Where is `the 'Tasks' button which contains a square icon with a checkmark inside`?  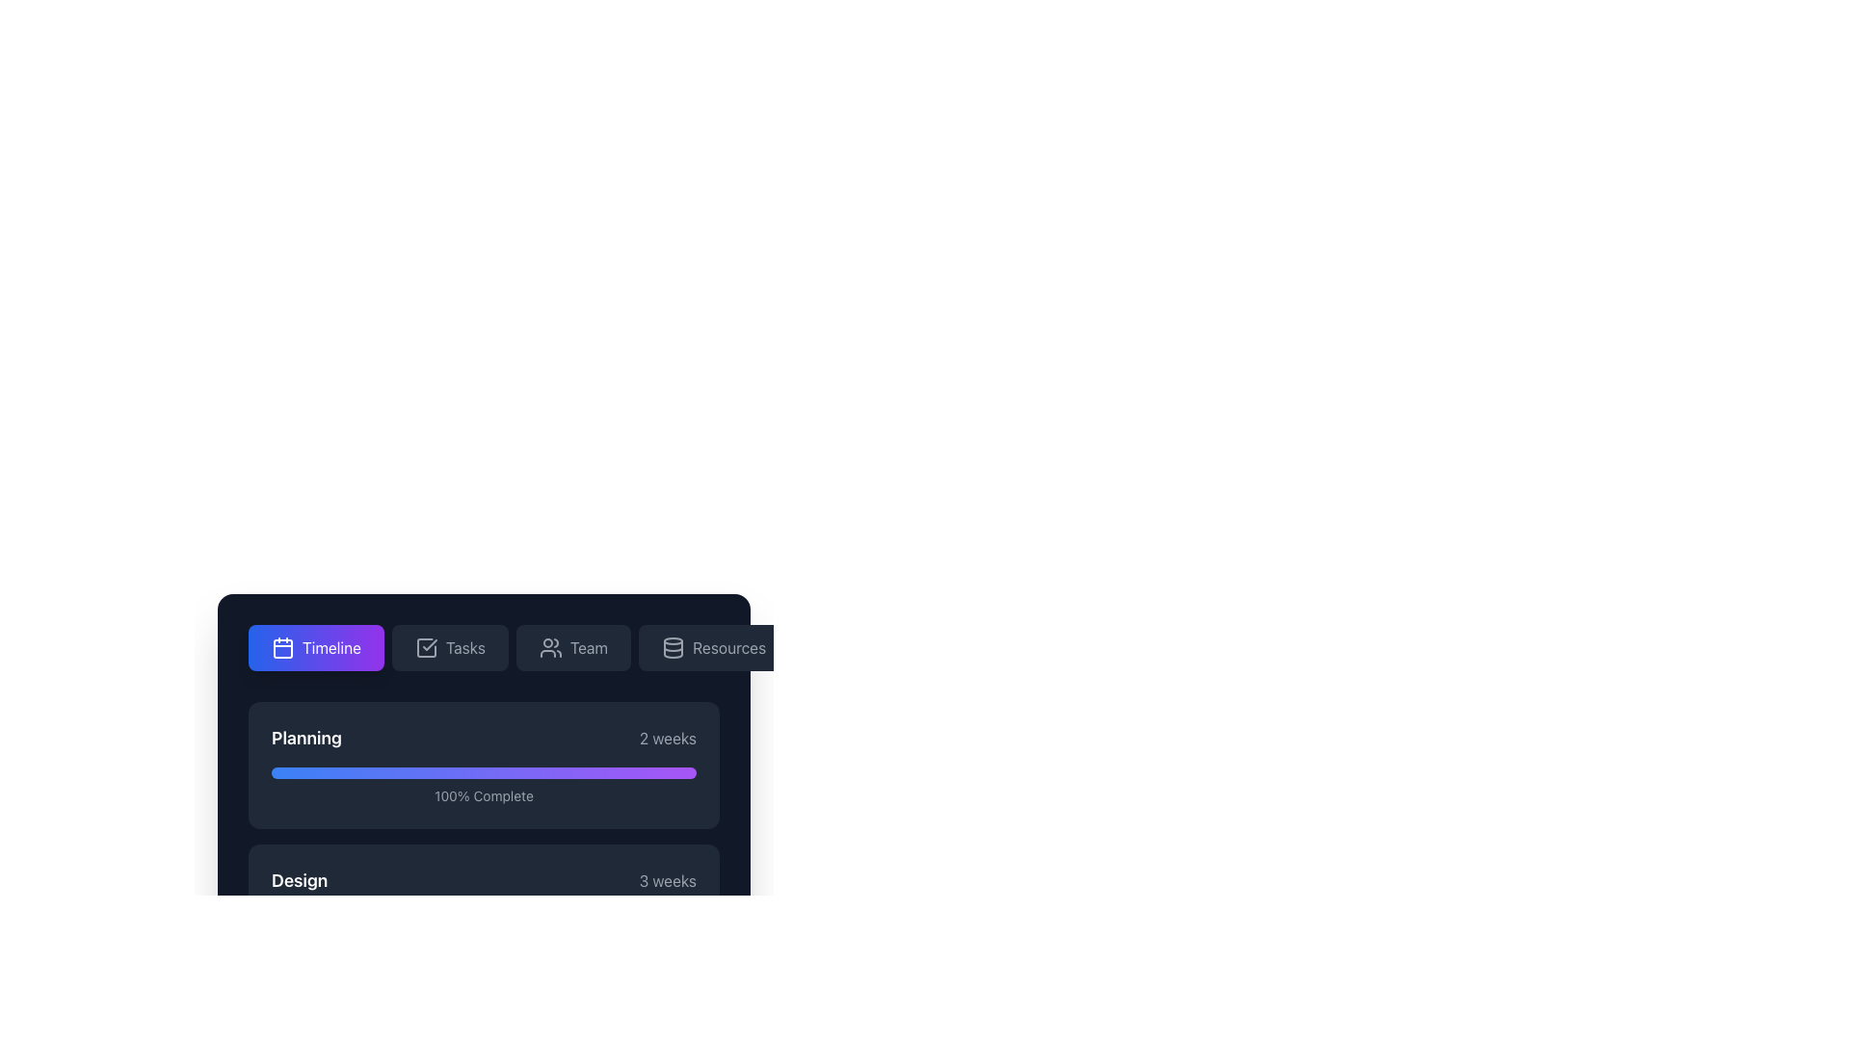
the 'Tasks' button which contains a square icon with a checkmark inside is located at coordinates (425, 647).